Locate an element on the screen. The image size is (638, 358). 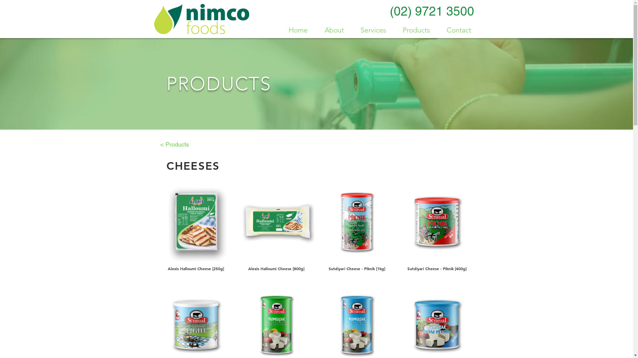
'Contact' is located at coordinates (458, 30).